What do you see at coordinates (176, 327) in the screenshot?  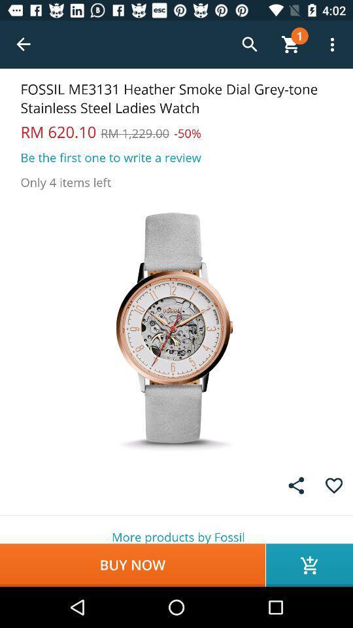 I see `item below the only 4 items icon` at bounding box center [176, 327].